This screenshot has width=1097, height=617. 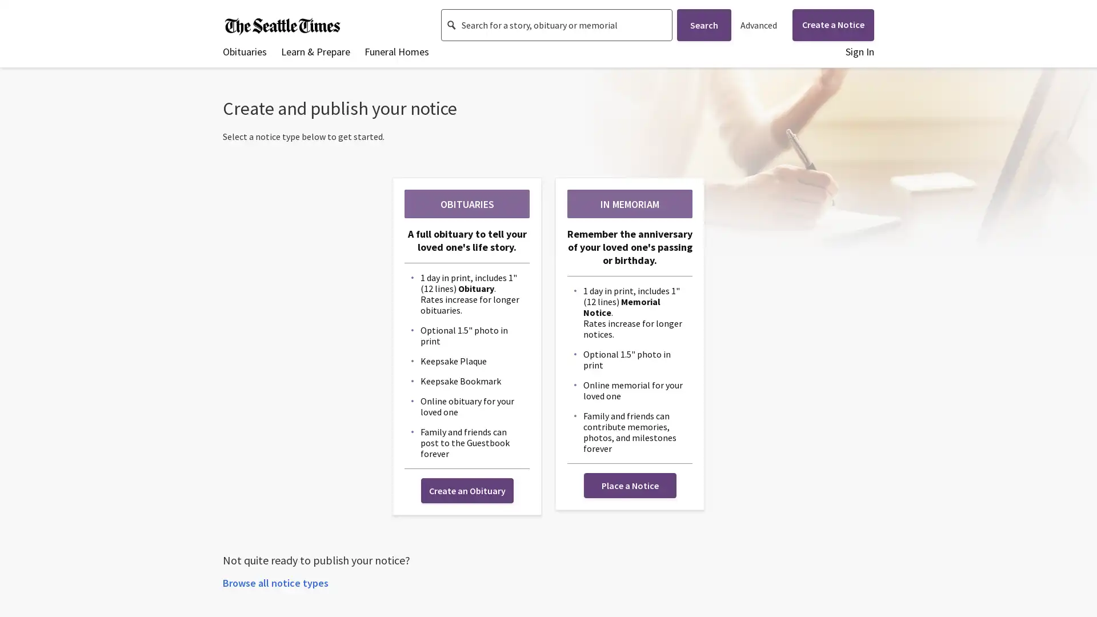 What do you see at coordinates (703, 25) in the screenshot?
I see `Search` at bounding box center [703, 25].